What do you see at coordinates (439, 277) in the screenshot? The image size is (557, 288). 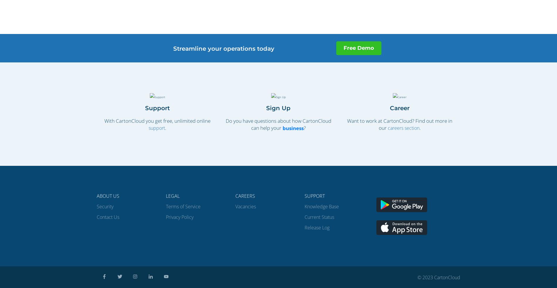 I see `'© 2023 CartonCloud'` at bounding box center [439, 277].